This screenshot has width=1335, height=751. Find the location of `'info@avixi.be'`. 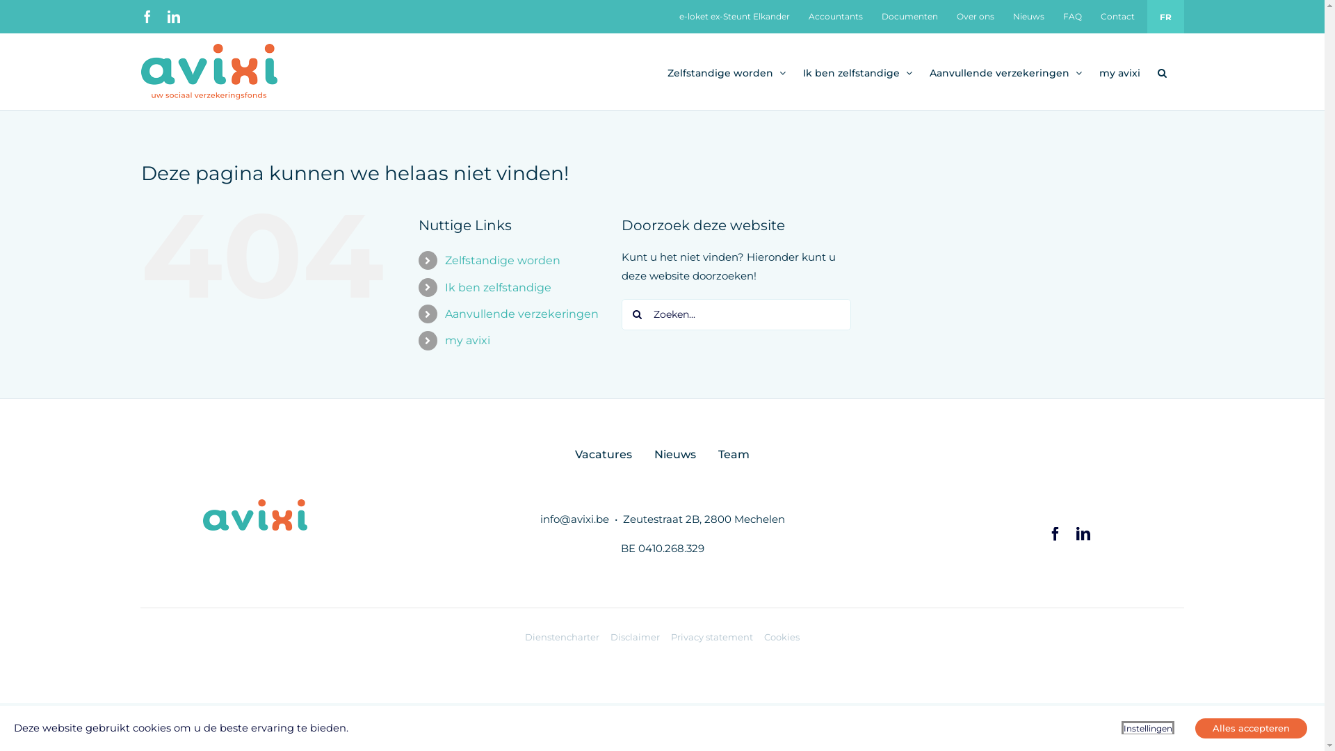

'info@avixi.be' is located at coordinates (574, 519).